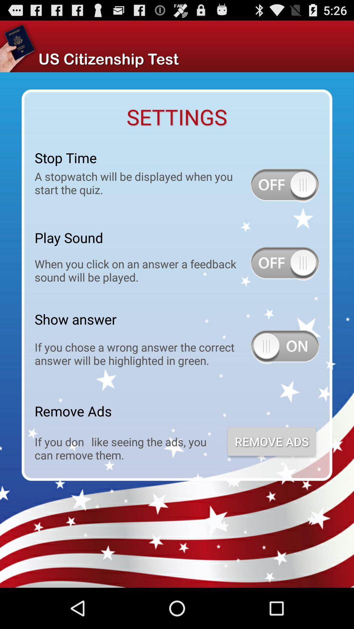  Describe the element at coordinates (285, 264) in the screenshot. I see `play sound option` at that location.